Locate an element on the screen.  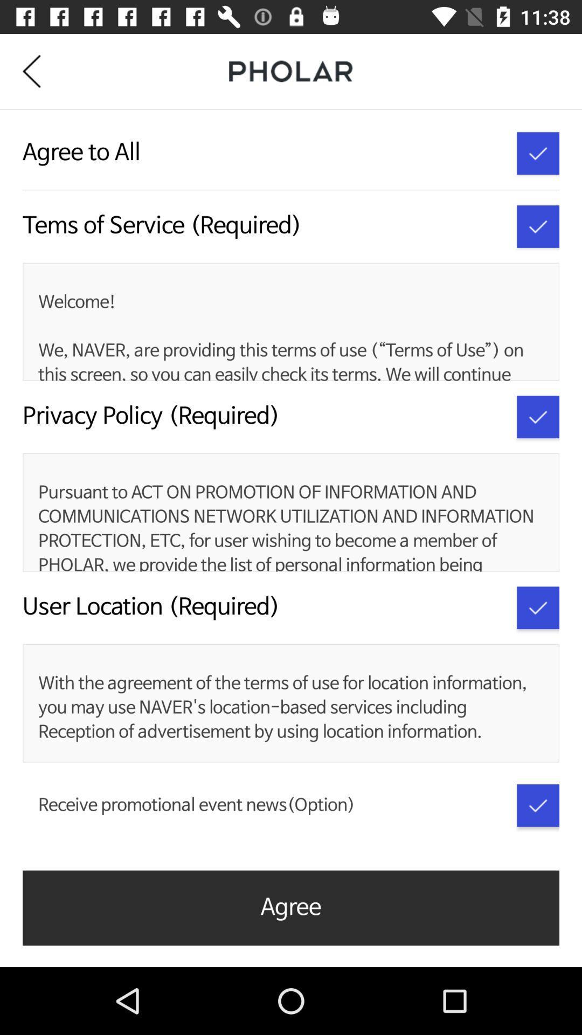
go back is located at coordinates (39, 71).